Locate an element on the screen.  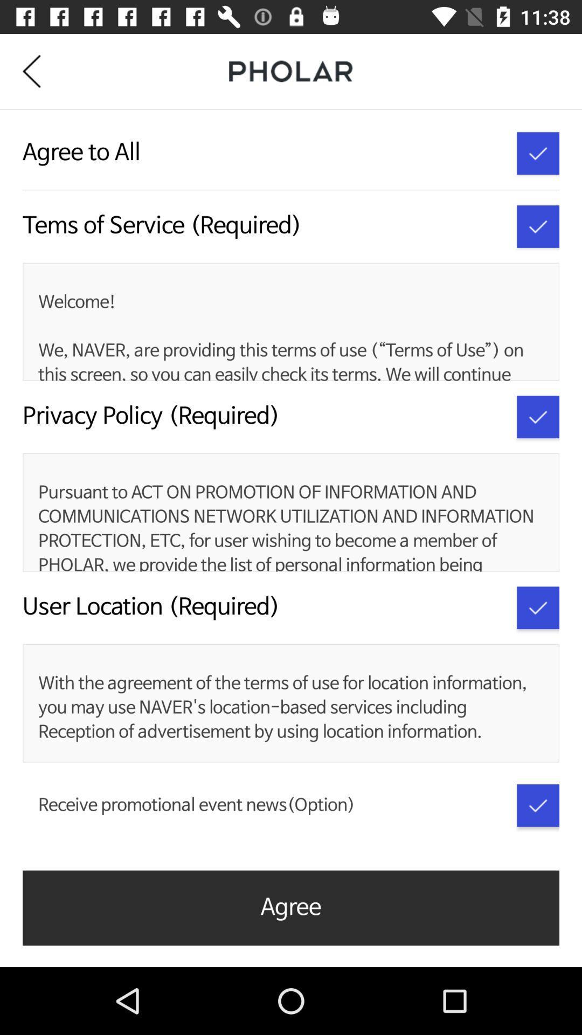
go back is located at coordinates (39, 71).